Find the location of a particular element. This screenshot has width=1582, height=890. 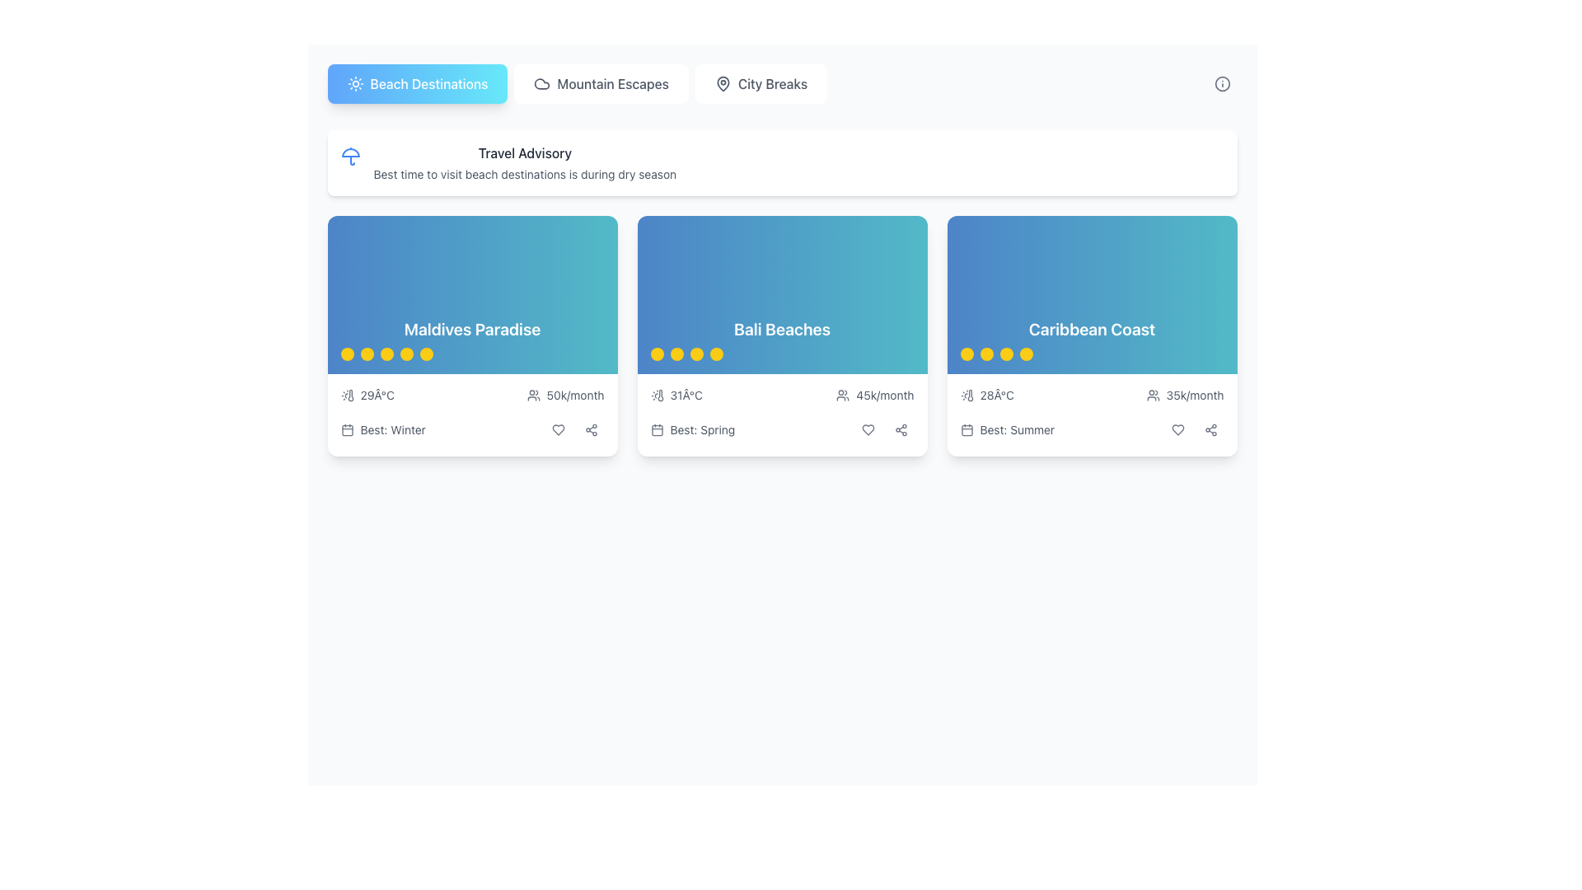

the 'City Breaks' button which is the third item in the horizontal list at the top of the page, displaying a pin icon and gray text on a white background, to trigger a style change is located at coordinates (760, 83).